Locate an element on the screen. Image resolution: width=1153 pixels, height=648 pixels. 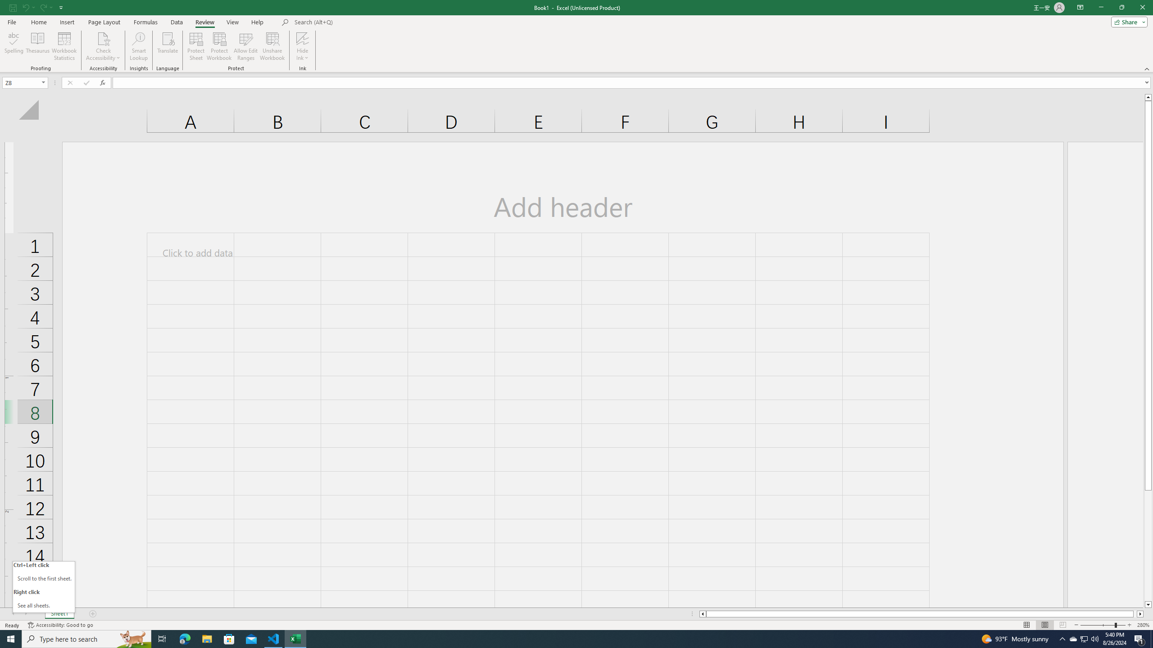
'Line down' is located at coordinates (1148, 605).